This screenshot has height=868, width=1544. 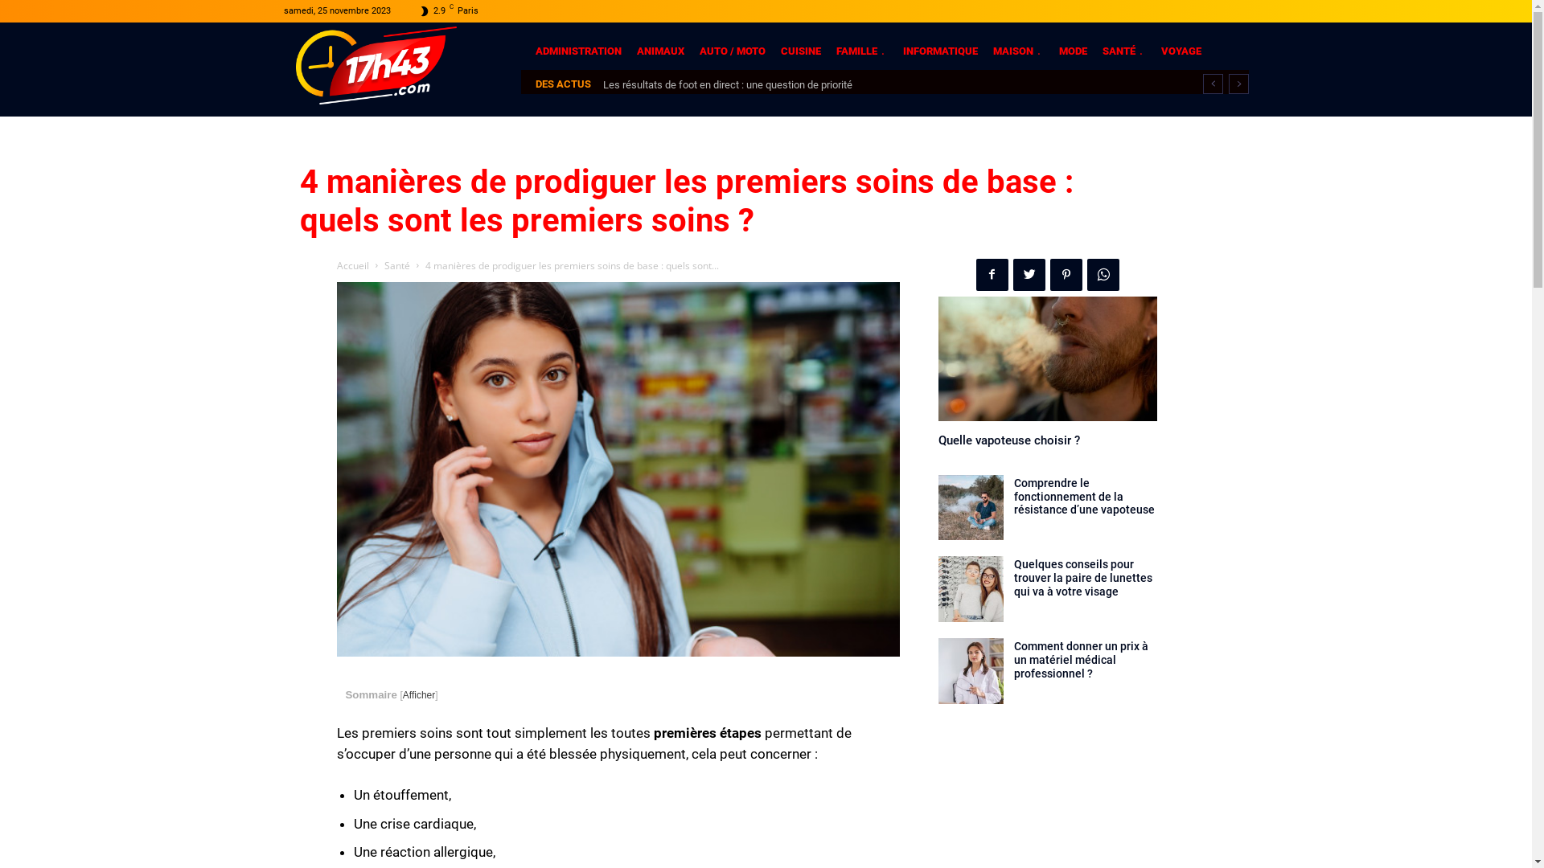 I want to click on 'Accueil', so click(x=351, y=264).